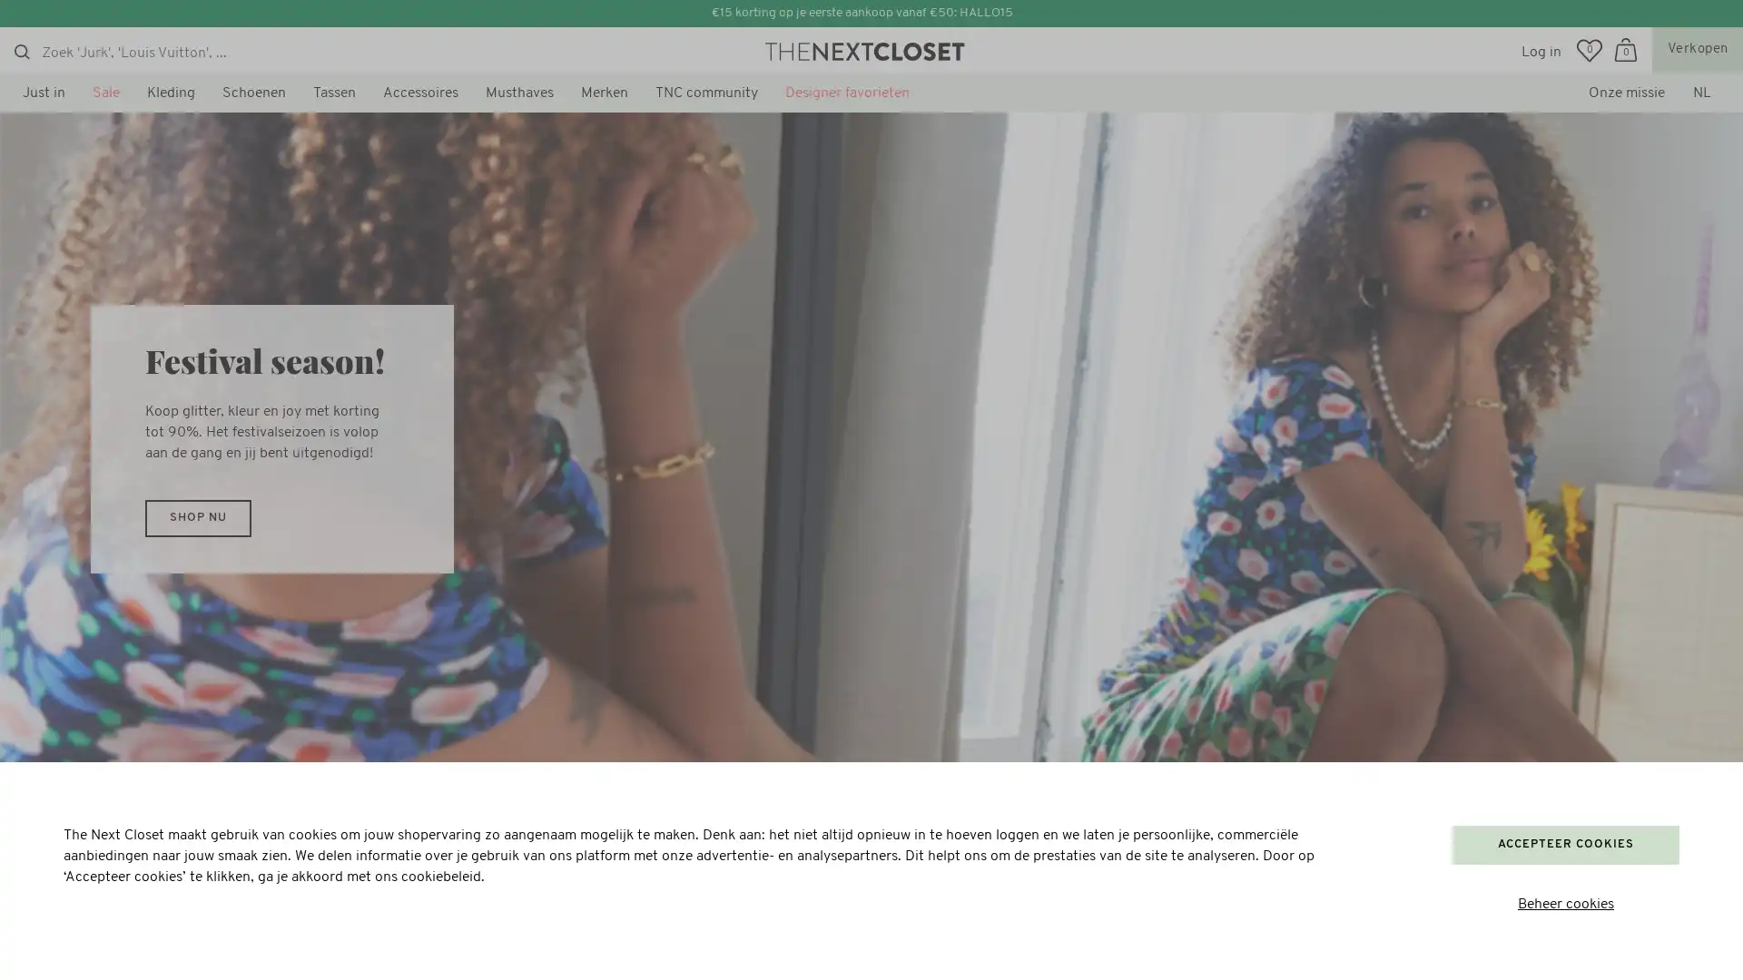 This screenshot has width=1743, height=980. I want to click on Search, so click(22, 51).